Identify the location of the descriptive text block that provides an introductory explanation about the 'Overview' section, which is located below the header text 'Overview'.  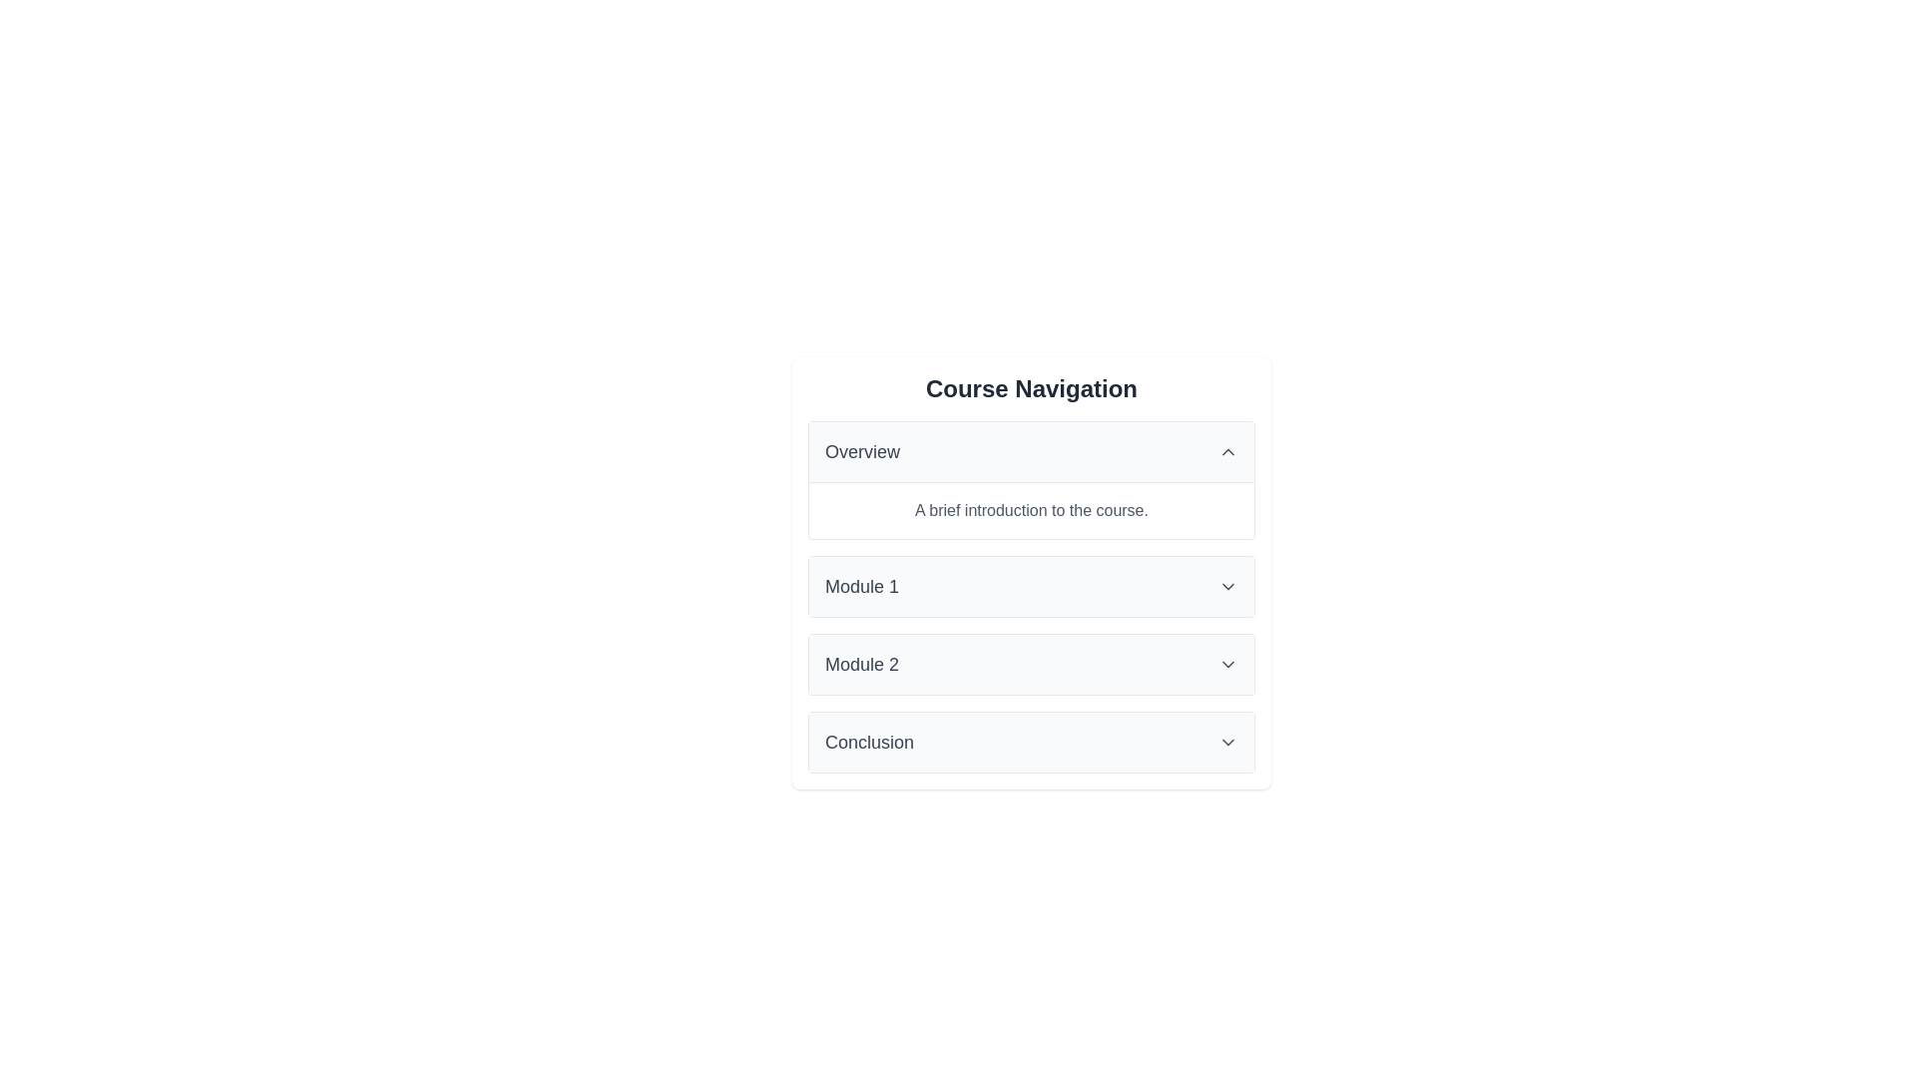
(1031, 508).